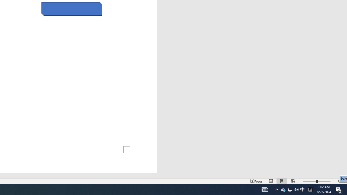  What do you see at coordinates (317, 181) in the screenshot?
I see `'Zoom'` at bounding box center [317, 181].